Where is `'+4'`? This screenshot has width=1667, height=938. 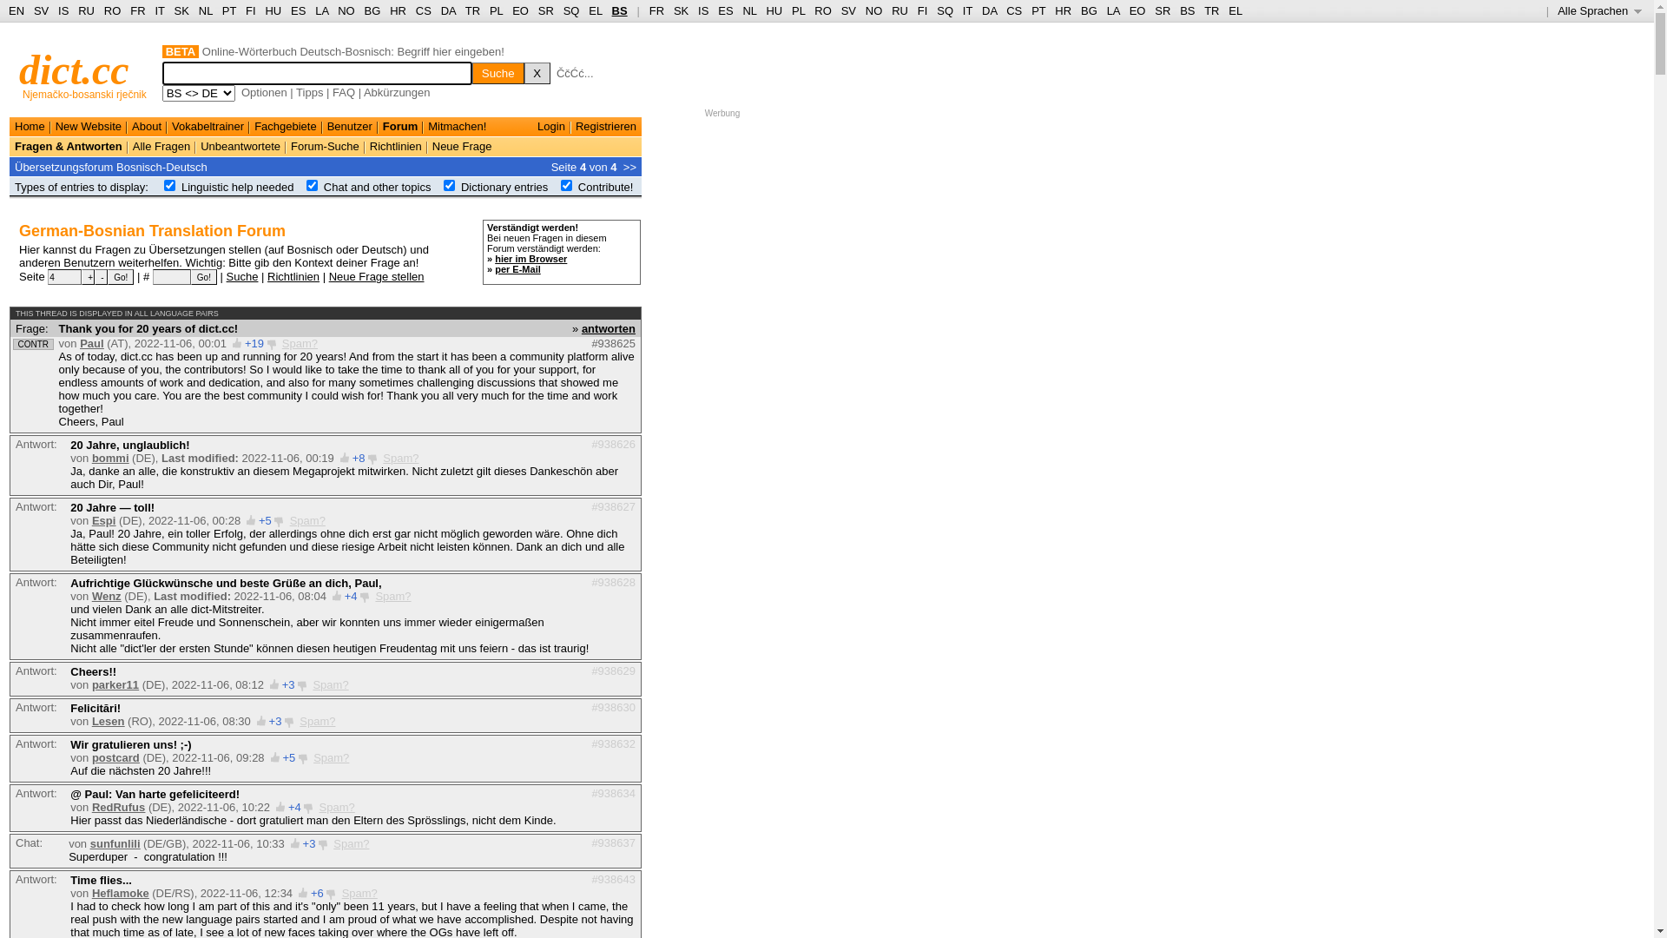 '+4' is located at coordinates (350, 595).